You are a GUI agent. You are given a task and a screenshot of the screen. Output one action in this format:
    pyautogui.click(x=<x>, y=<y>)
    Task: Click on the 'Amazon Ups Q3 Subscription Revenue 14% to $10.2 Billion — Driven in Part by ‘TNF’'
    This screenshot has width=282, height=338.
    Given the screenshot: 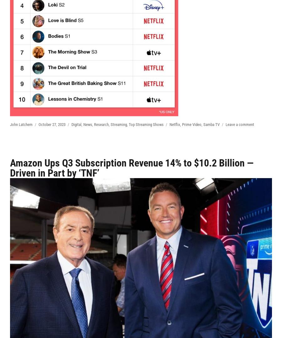 What is the action you would take?
    pyautogui.click(x=132, y=168)
    